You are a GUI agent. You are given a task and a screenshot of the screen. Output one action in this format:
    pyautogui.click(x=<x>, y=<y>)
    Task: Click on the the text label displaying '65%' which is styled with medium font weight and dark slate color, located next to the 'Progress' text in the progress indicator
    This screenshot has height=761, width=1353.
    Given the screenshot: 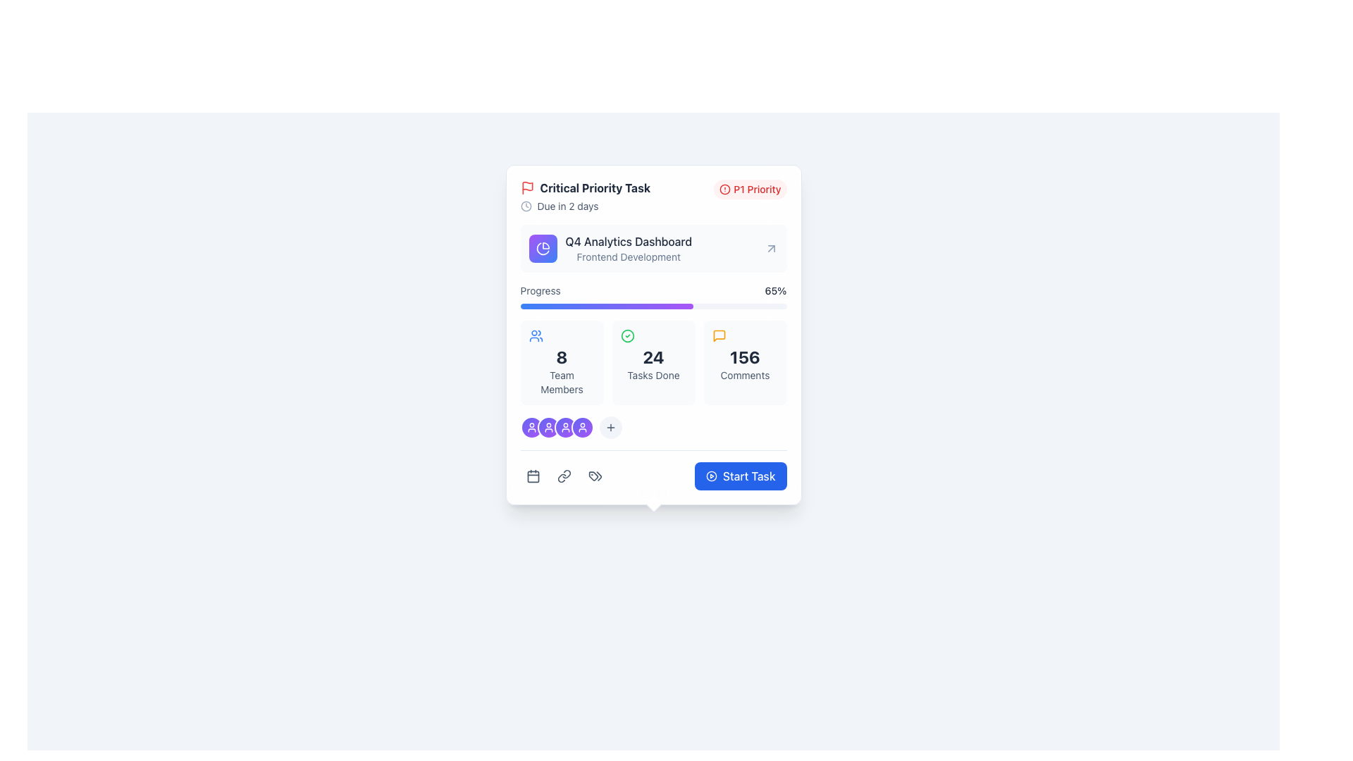 What is the action you would take?
    pyautogui.click(x=774, y=290)
    